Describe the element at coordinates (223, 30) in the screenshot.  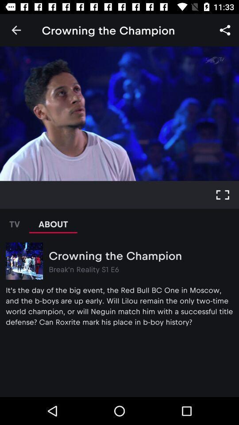
I see `icon next to the text crowing the champion` at that location.